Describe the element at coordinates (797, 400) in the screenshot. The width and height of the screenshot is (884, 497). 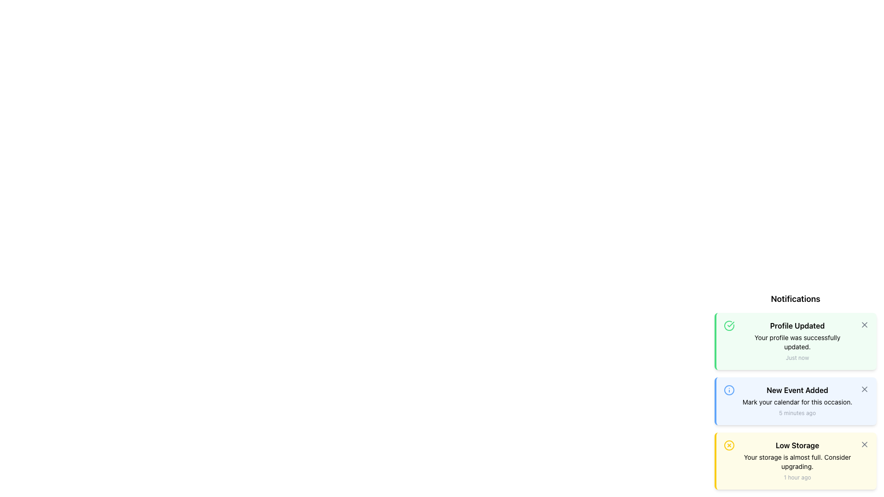
I see `the second notification card titled 'New Event Added' with a blue background in the list of notifications` at that location.